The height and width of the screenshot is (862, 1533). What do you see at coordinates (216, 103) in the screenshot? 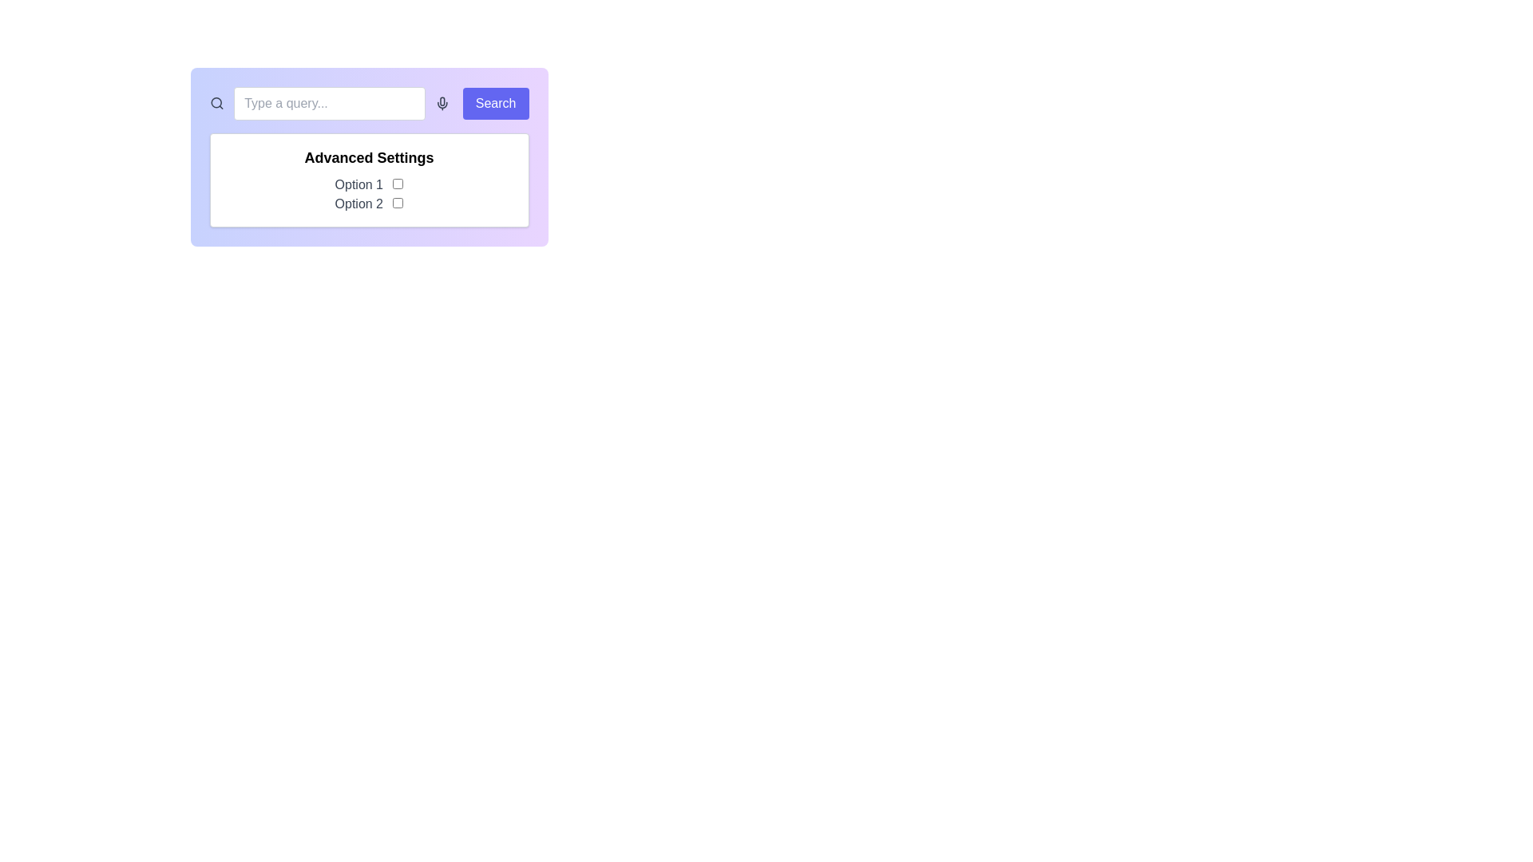
I see `the SVG Circle element inside the search icon at the top center of the interface` at bounding box center [216, 103].